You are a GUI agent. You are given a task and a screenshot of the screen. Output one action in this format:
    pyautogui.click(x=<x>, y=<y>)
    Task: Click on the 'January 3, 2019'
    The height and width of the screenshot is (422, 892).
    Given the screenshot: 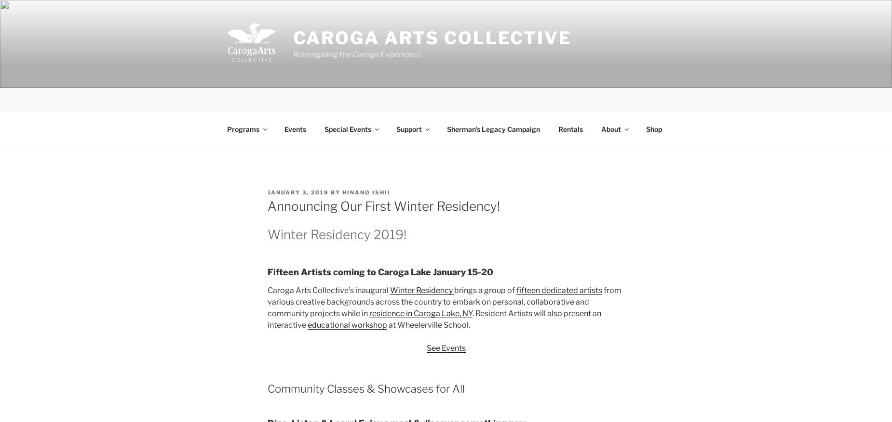 What is the action you would take?
    pyautogui.click(x=298, y=192)
    